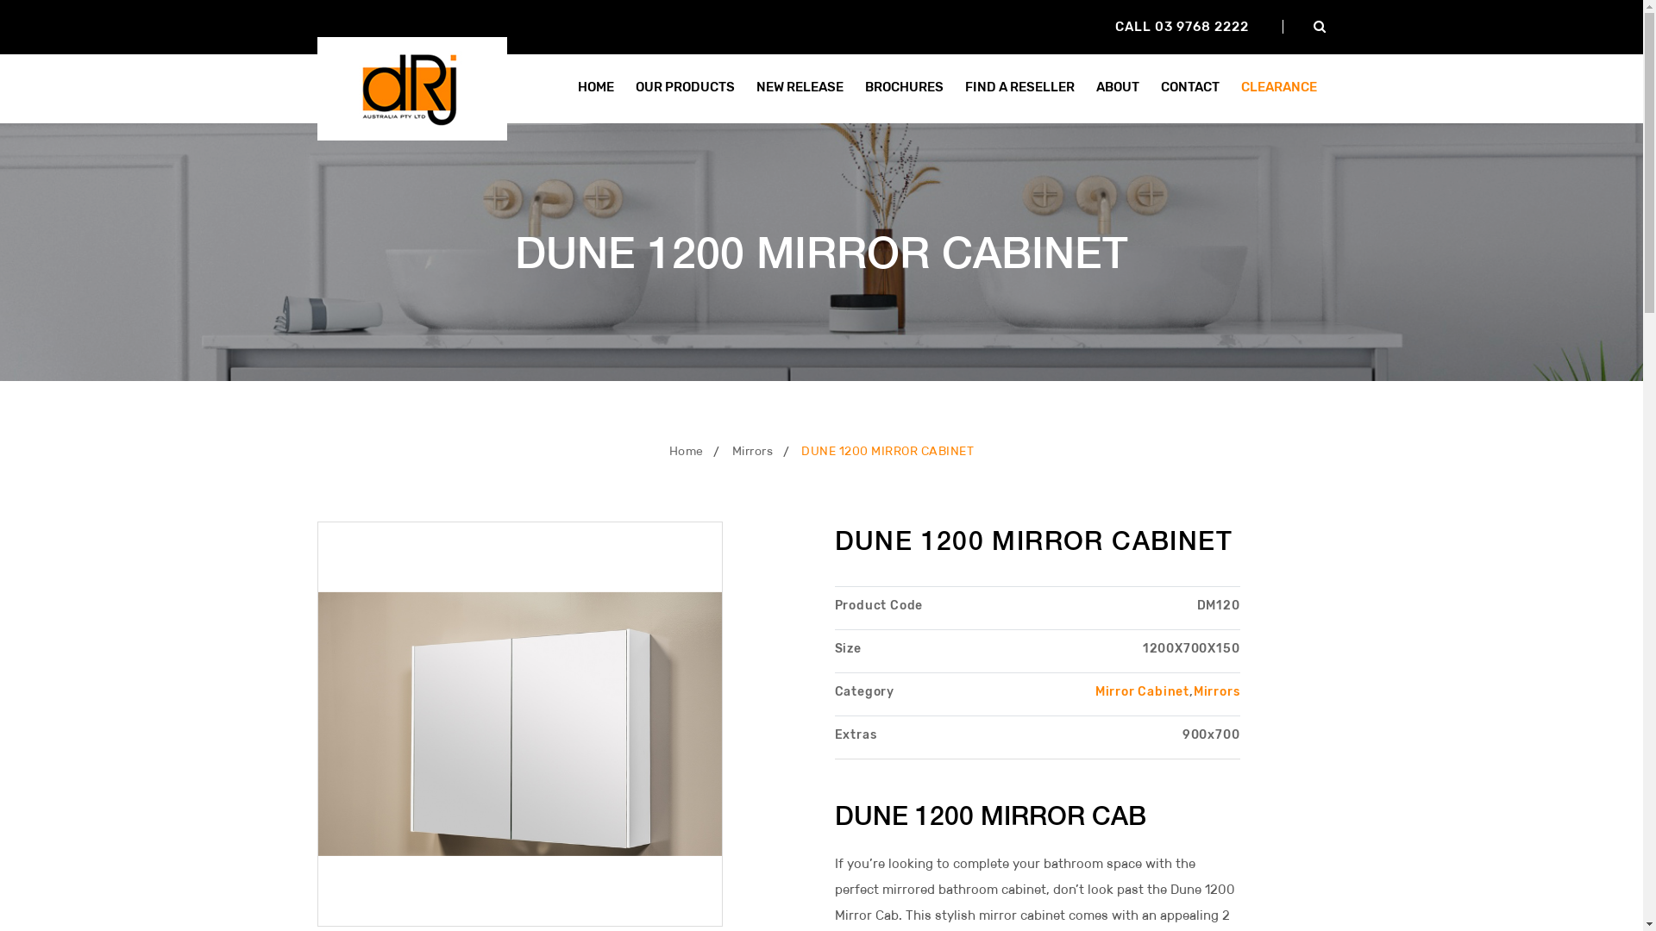 The width and height of the screenshot is (1656, 931). Describe the element at coordinates (684, 87) in the screenshot. I see `'OUR PRODUCTS'` at that location.